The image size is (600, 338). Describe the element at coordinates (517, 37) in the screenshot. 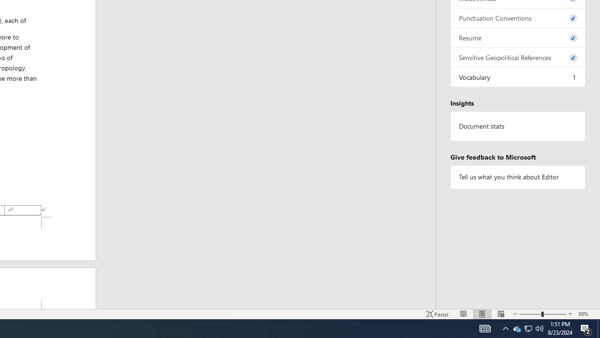

I see `'Resume, 0 issues. Press space or enter to review items.'` at that location.